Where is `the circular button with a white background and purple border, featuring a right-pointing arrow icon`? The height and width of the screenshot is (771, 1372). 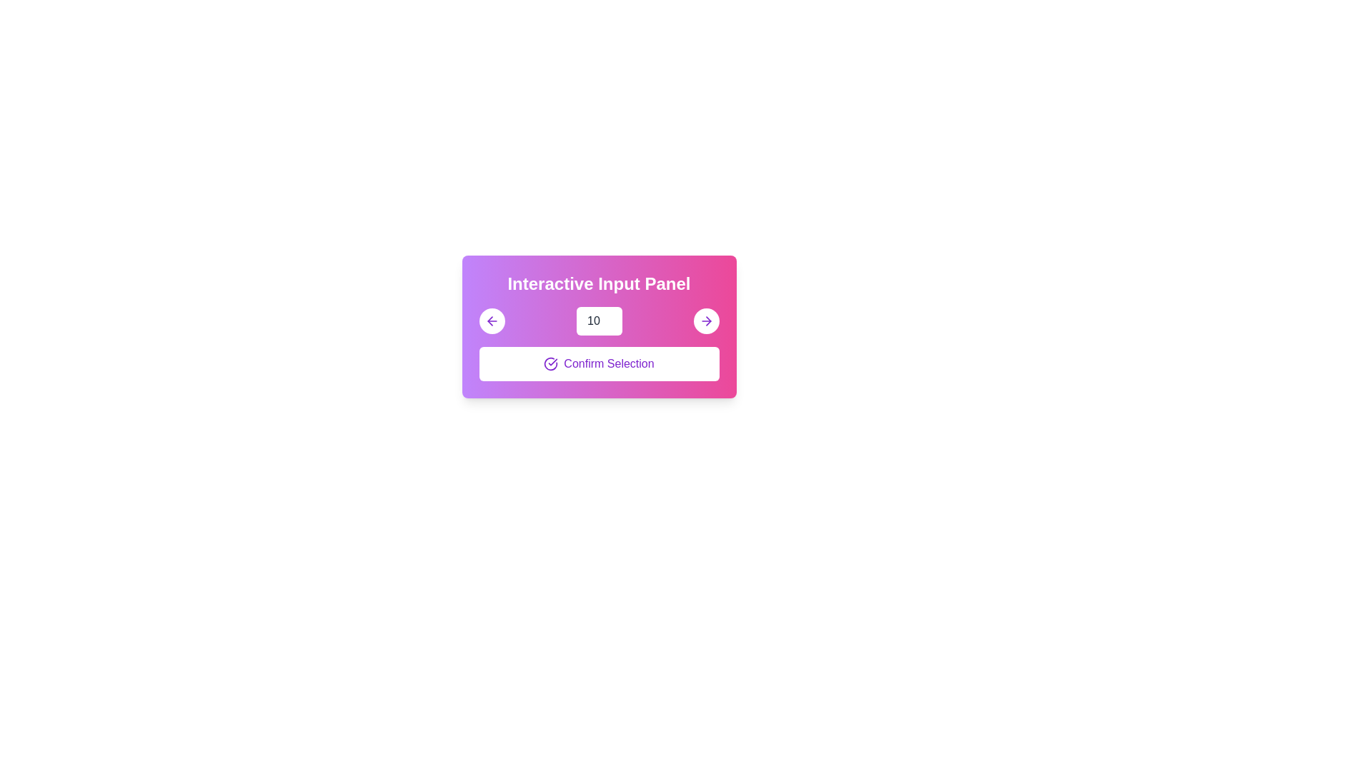
the circular button with a white background and purple border, featuring a right-pointing arrow icon is located at coordinates (706, 321).